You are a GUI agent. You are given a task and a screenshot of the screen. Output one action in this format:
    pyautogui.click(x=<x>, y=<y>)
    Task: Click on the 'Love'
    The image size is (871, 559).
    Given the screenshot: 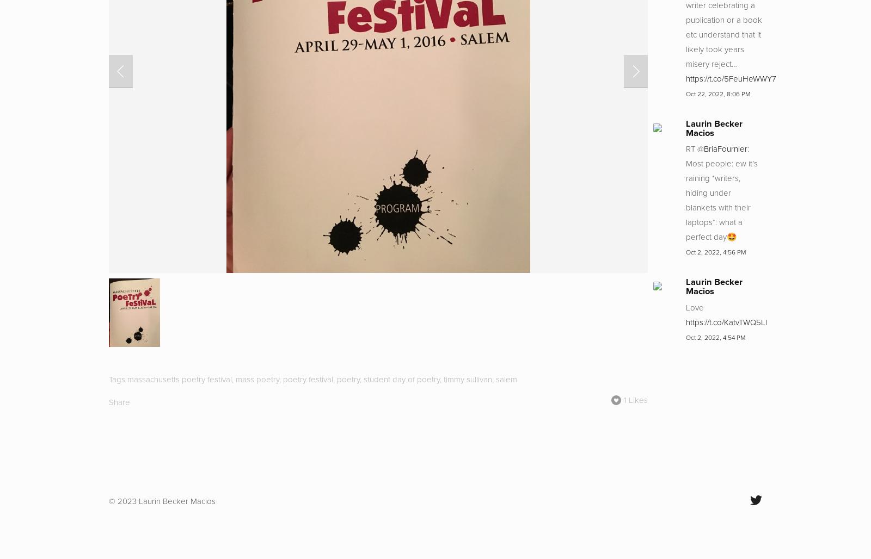 What is the action you would take?
    pyautogui.click(x=694, y=307)
    